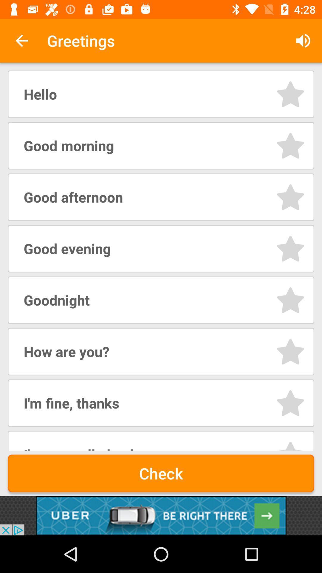 This screenshot has width=322, height=573. I want to click on favorite, so click(290, 403).